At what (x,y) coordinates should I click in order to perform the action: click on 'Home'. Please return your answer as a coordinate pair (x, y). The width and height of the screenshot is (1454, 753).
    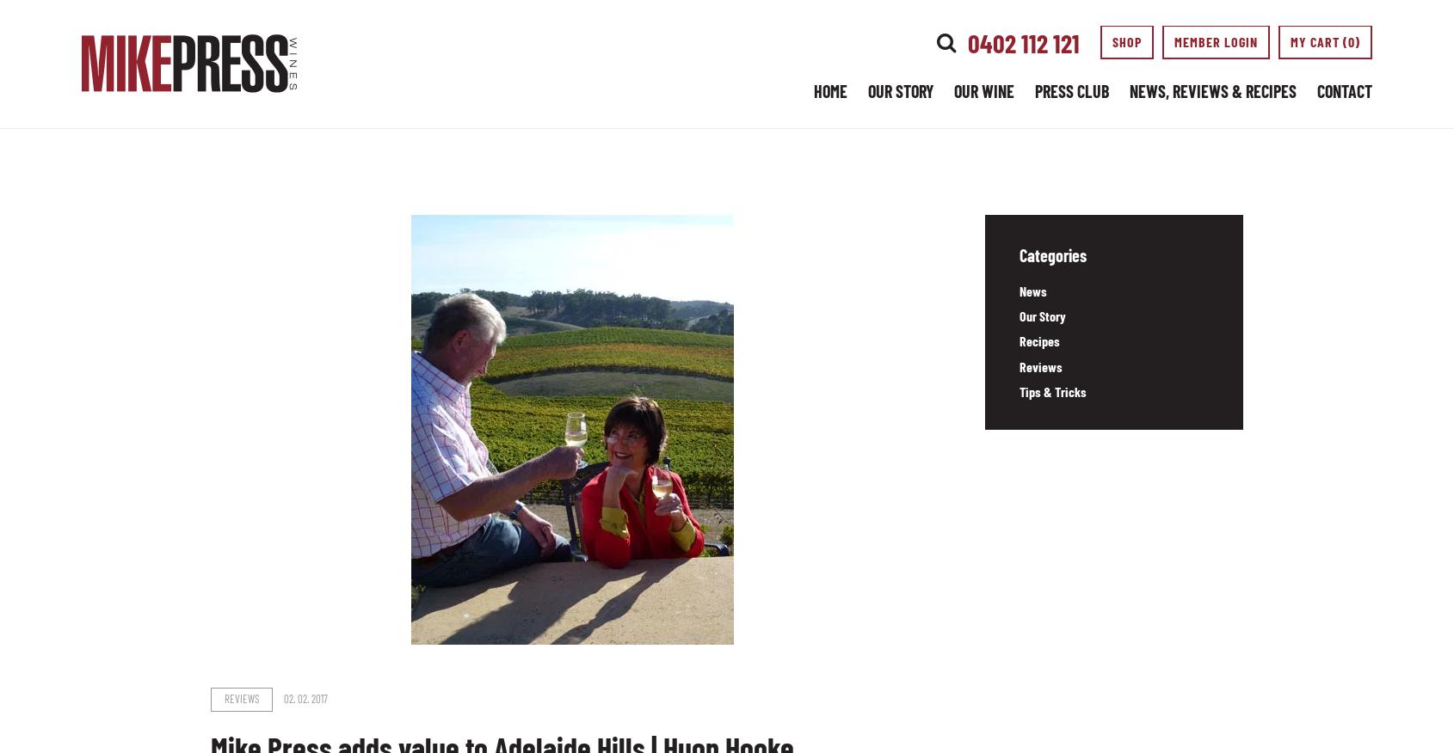
    Looking at the image, I should click on (830, 91).